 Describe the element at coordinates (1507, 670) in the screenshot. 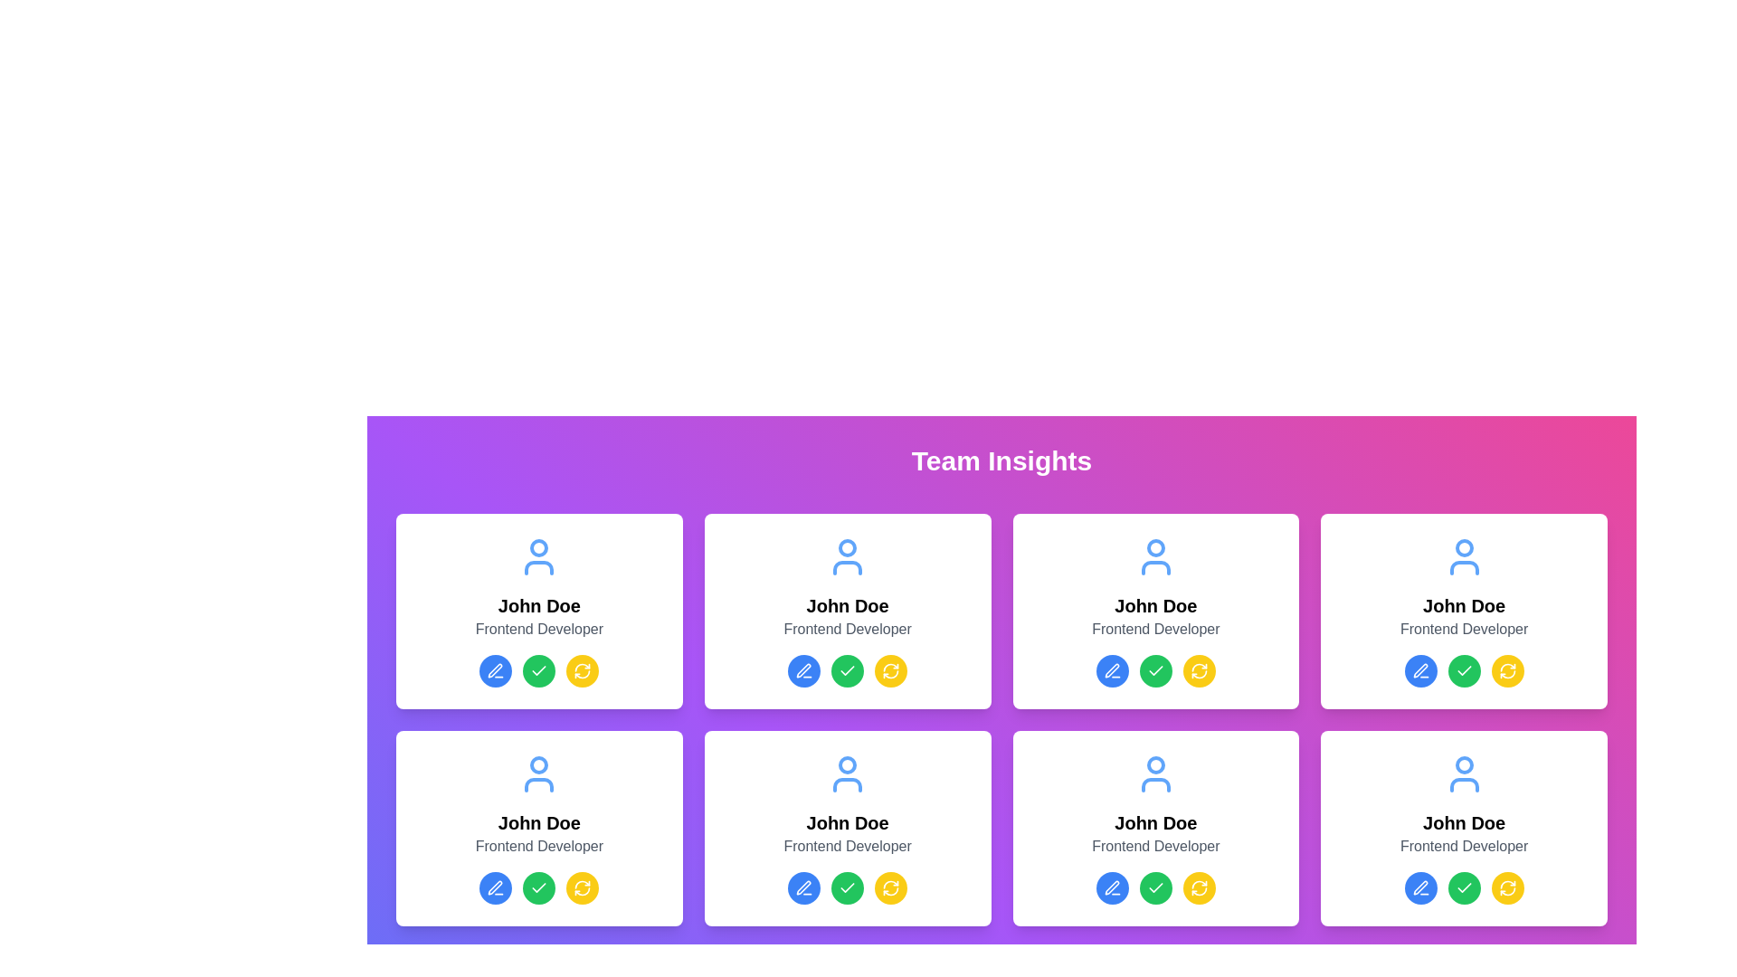

I see `the third button in the action set located at the bottom-right corner of the card` at that location.